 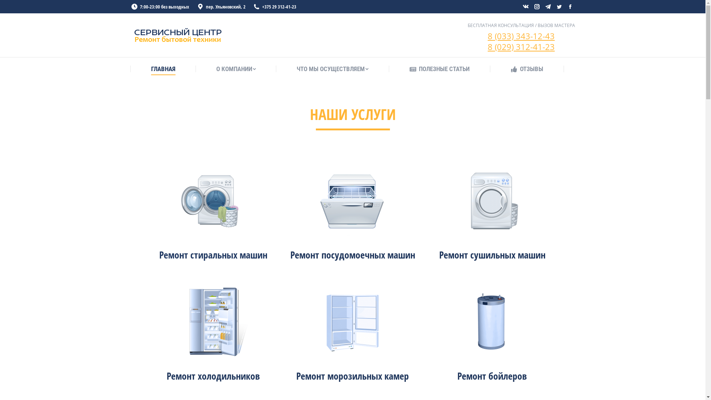 What do you see at coordinates (547, 7) in the screenshot?
I see `'Telegram page opens in new window'` at bounding box center [547, 7].